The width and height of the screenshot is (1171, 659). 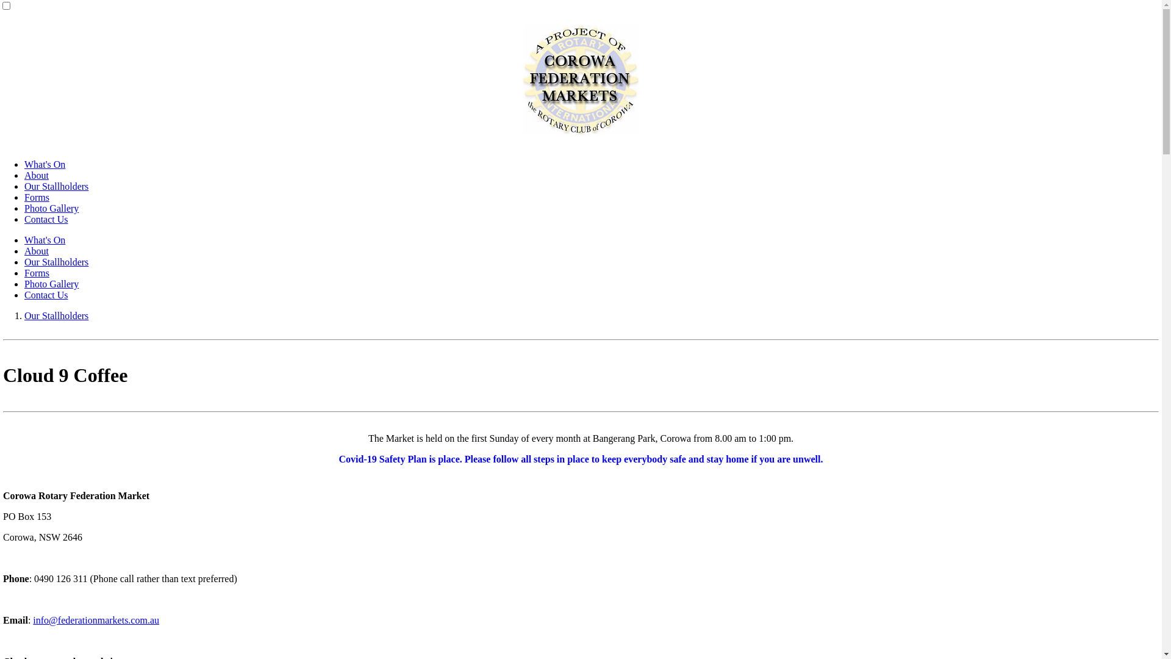 What do you see at coordinates (46, 218) in the screenshot?
I see `'Contact Us'` at bounding box center [46, 218].